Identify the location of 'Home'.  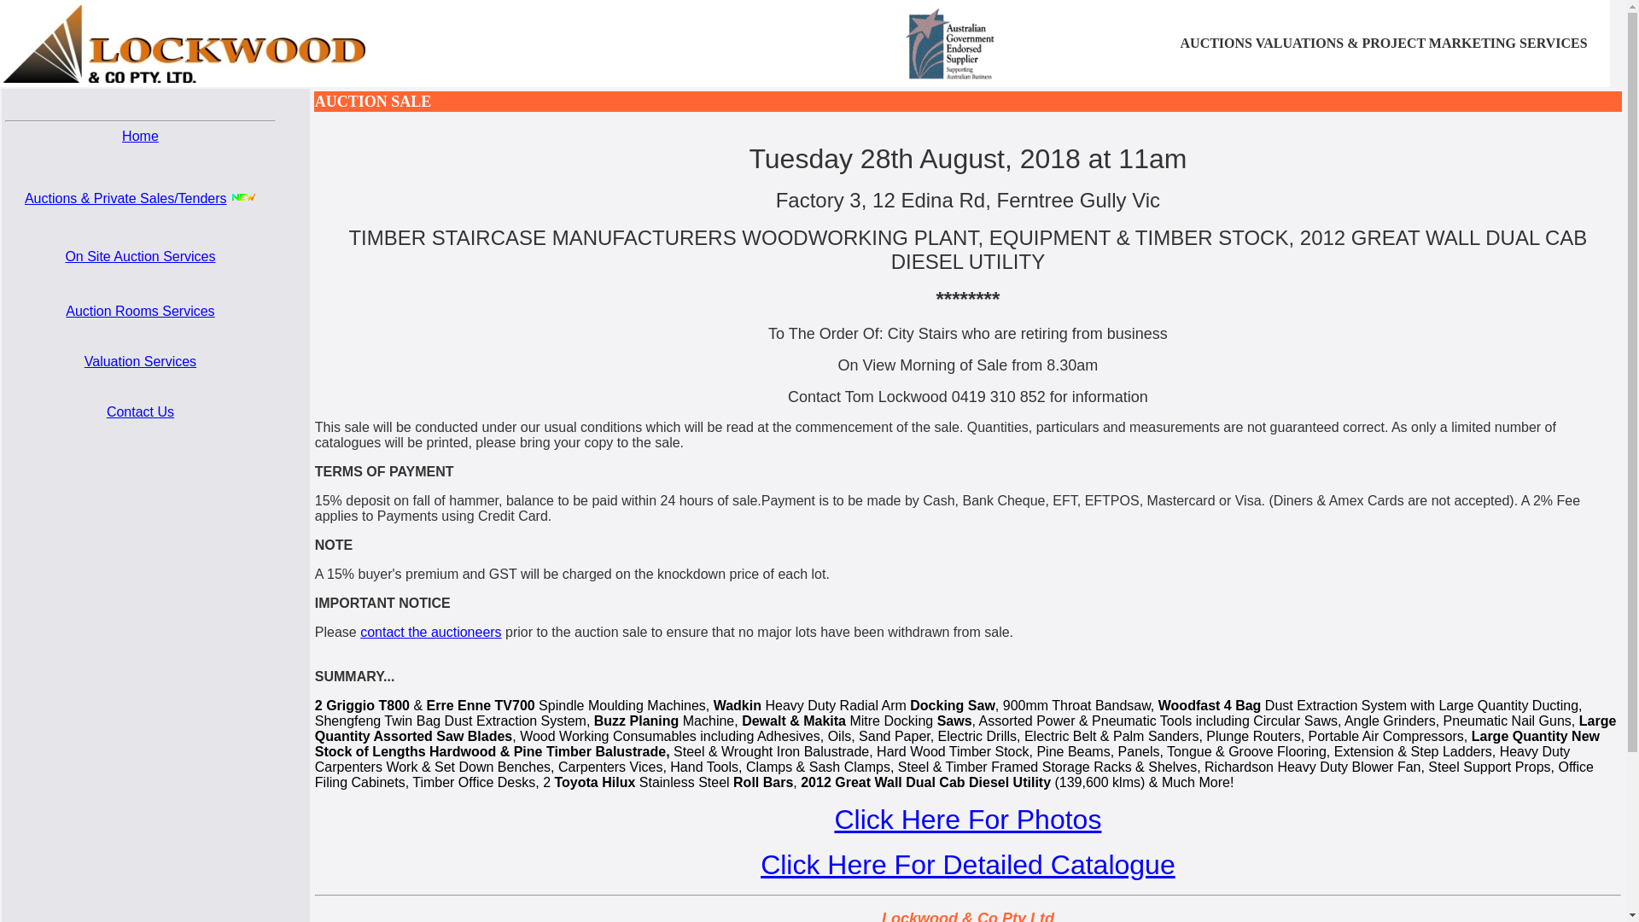
(140, 135).